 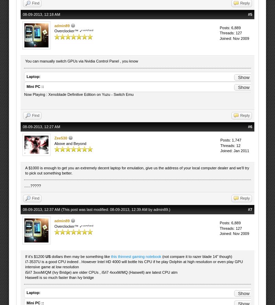 I want to click on 'i5/i7 3xxxM/QM (Ivy Bridge) are older CPUs , i5/i7 4xxxM/MQ (Haswell) are latest CPU atm', so click(x=101, y=272).